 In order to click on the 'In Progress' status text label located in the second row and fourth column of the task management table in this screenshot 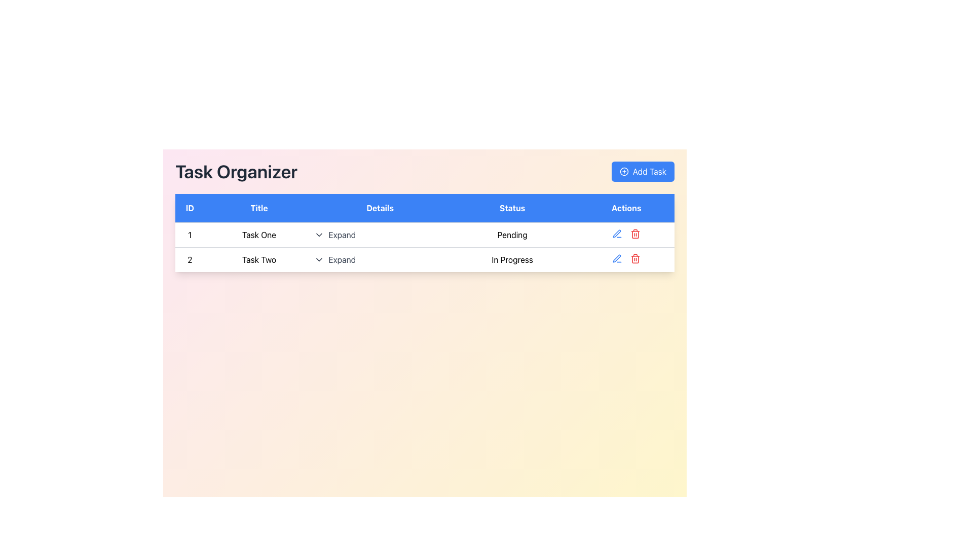, I will do `click(512, 259)`.